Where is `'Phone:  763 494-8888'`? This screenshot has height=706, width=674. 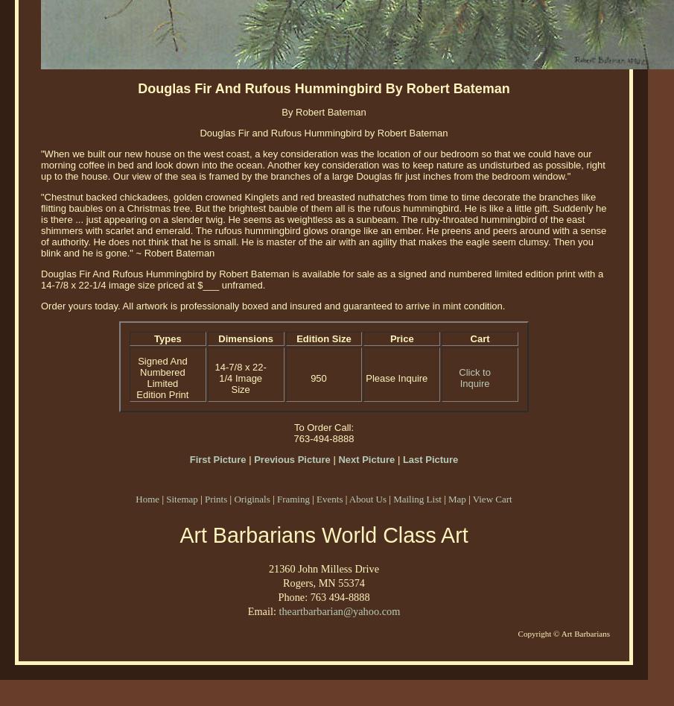
'Phone:  763 494-8888' is located at coordinates (278, 596).